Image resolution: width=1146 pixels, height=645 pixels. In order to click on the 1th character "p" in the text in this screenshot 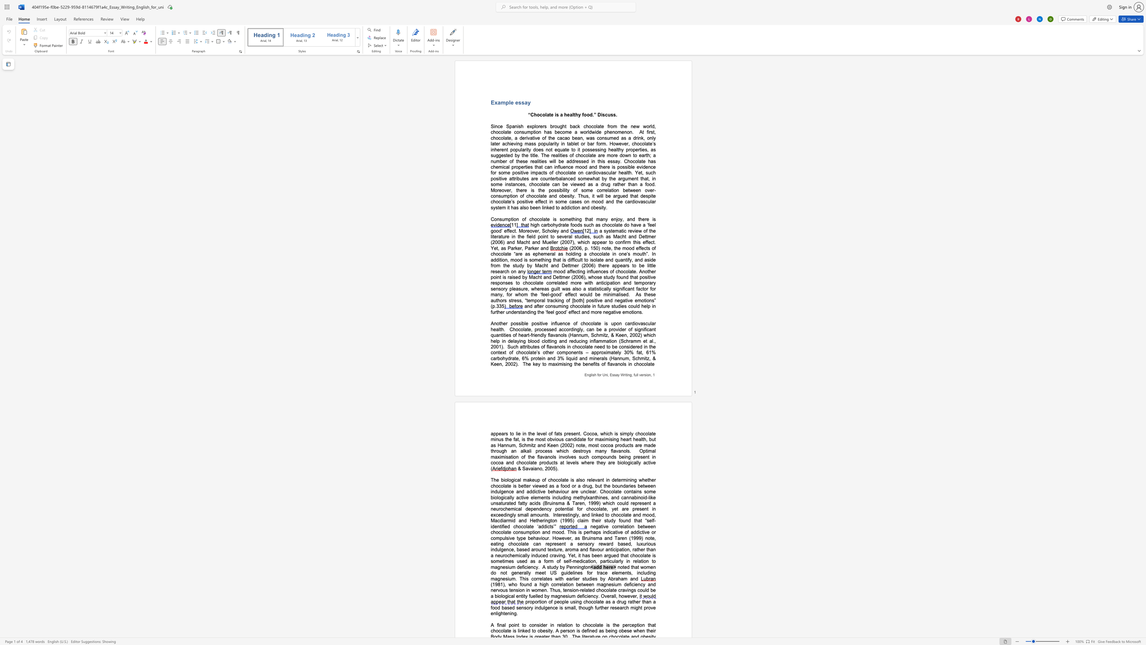, I will do `click(506, 102)`.